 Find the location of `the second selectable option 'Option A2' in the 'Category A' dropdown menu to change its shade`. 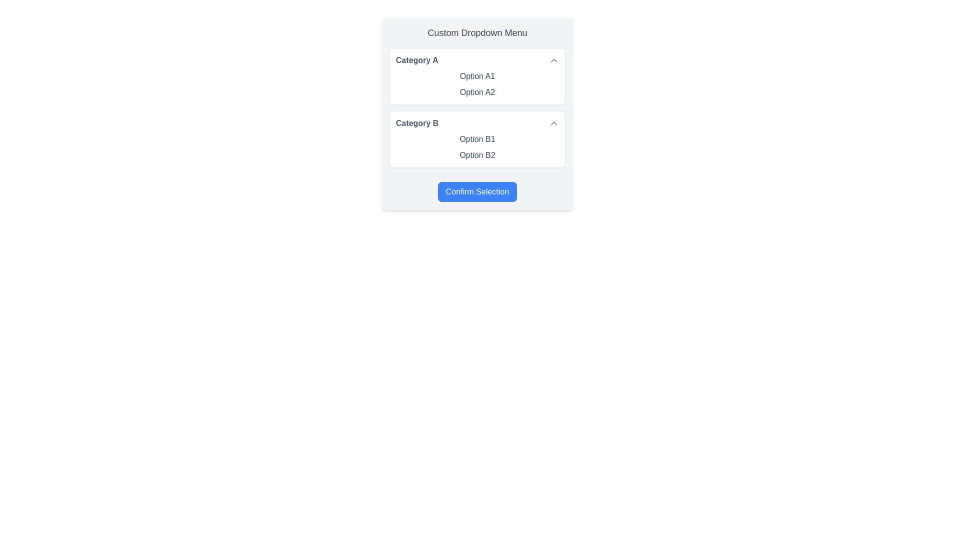

the second selectable option 'Option A2' in the 'Category A' dropdown menu to change its shade is located at coordinates (477, 92).